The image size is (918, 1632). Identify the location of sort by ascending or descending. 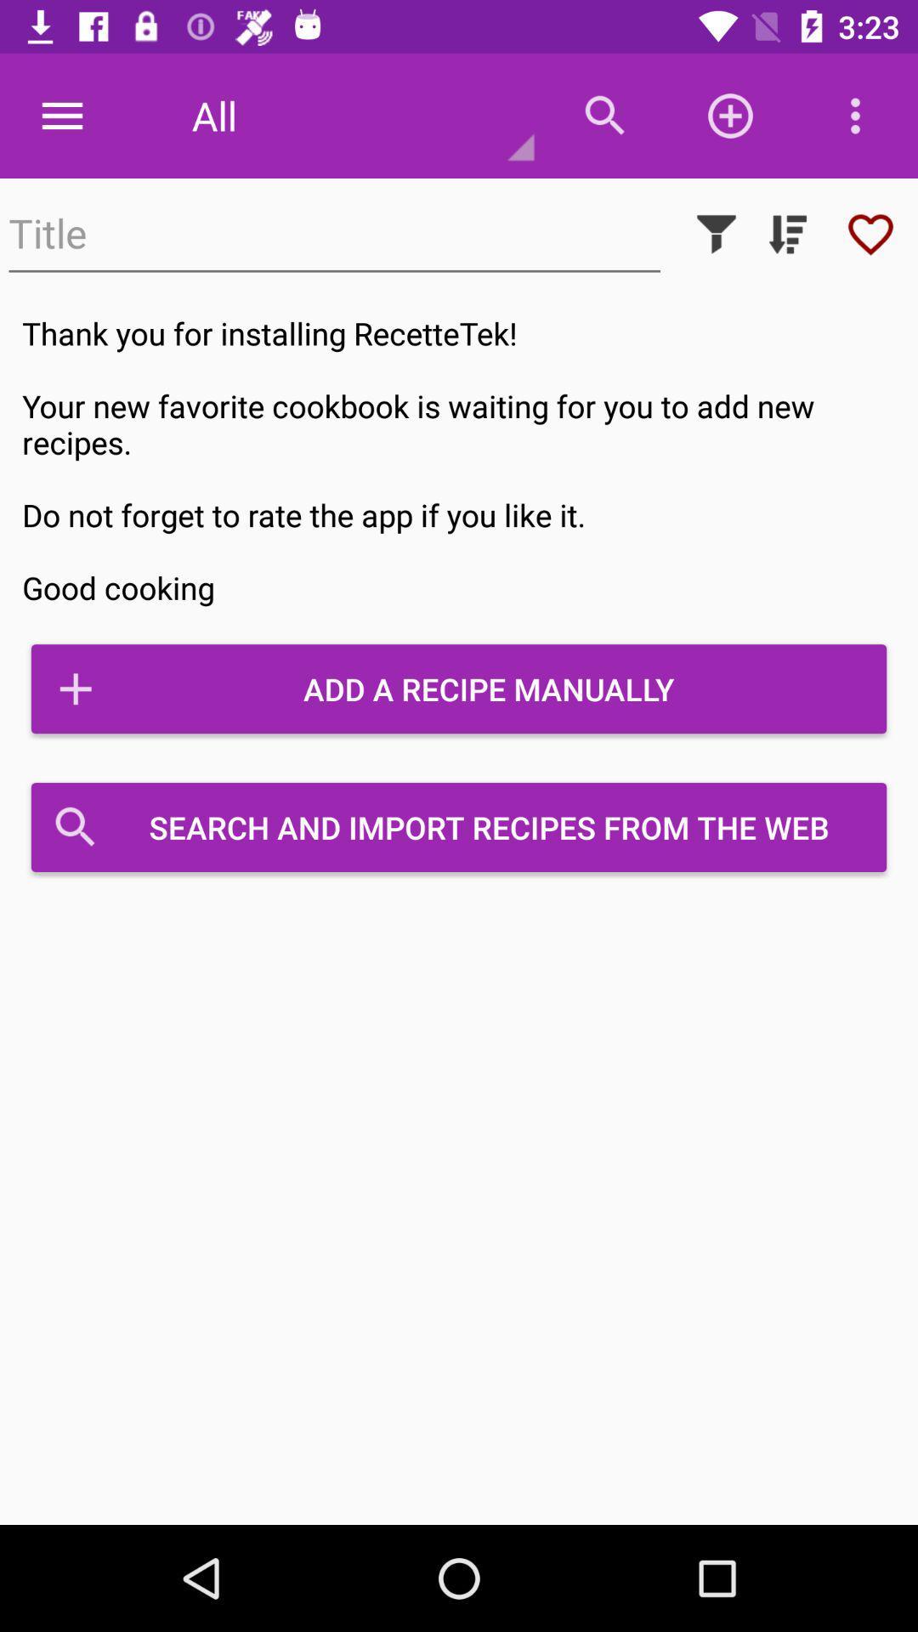
(787, 233).